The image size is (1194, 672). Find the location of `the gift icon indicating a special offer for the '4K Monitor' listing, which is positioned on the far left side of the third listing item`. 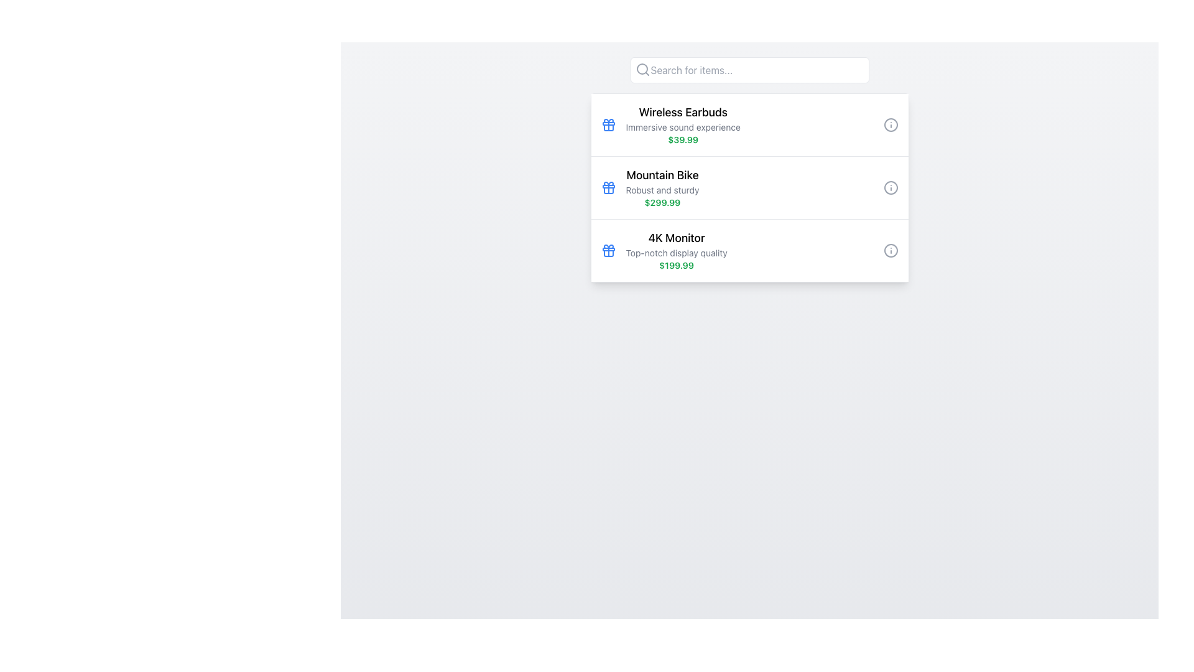

the gift icon indicating a special offer for the '4K Monitor' listing, which is positioned on the far left side of the third listing item is located at coordinates (608, 250).